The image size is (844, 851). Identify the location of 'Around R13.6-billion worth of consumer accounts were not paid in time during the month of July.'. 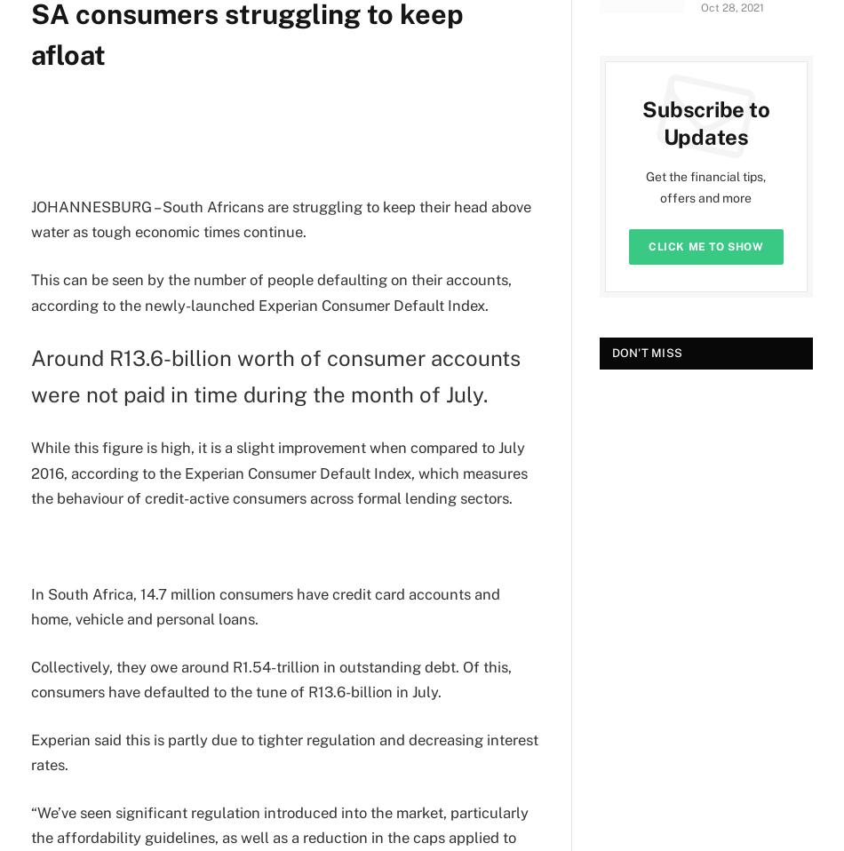
(30, 376).